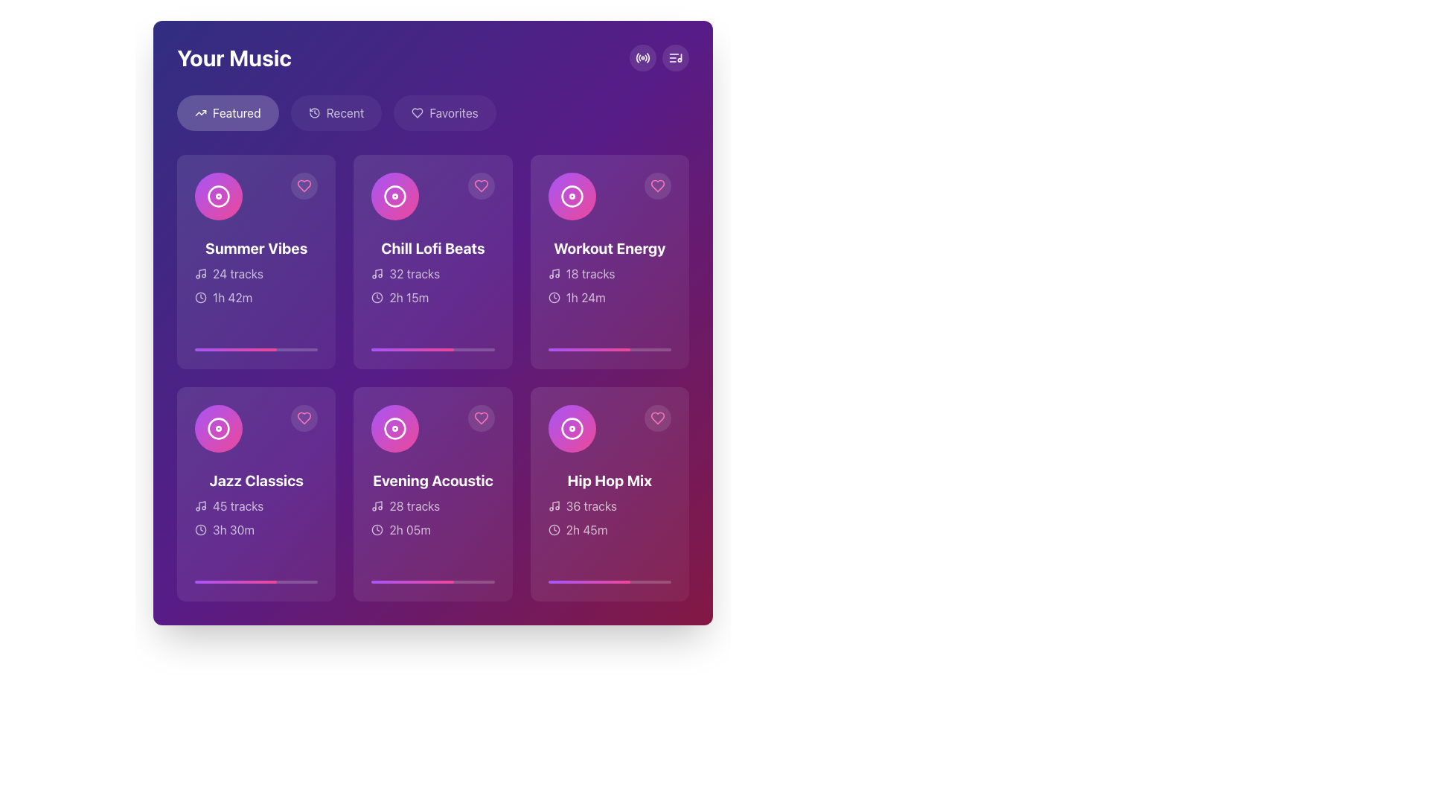 The width and height of the screenshot is (1429, 804). I want to click on the text label displaying '1h 24m' within the 'Workout Energy' music card, which is centrally aligned below the card title and track count, so click(585, 298).